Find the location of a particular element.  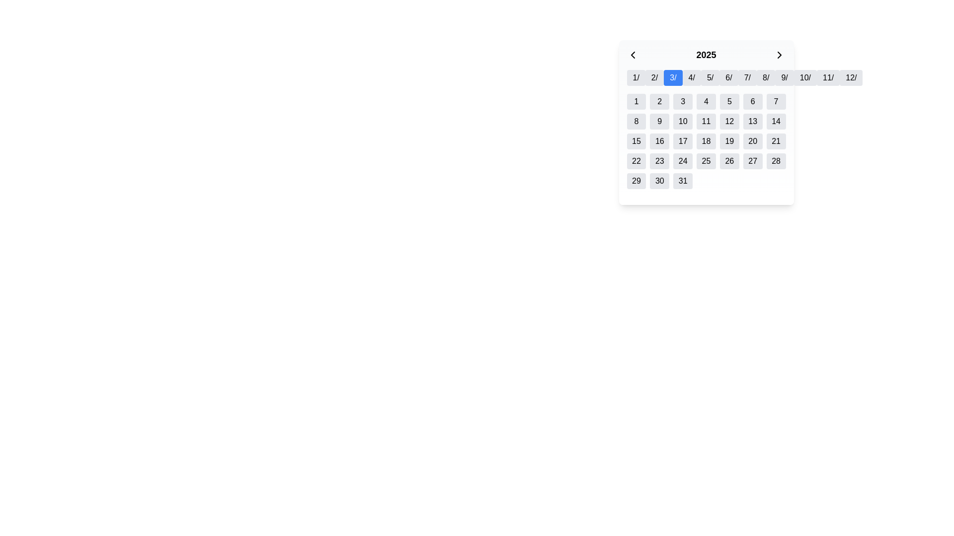

the button representing the date '4' in the calendar interface is located at coordinates (706, 101).